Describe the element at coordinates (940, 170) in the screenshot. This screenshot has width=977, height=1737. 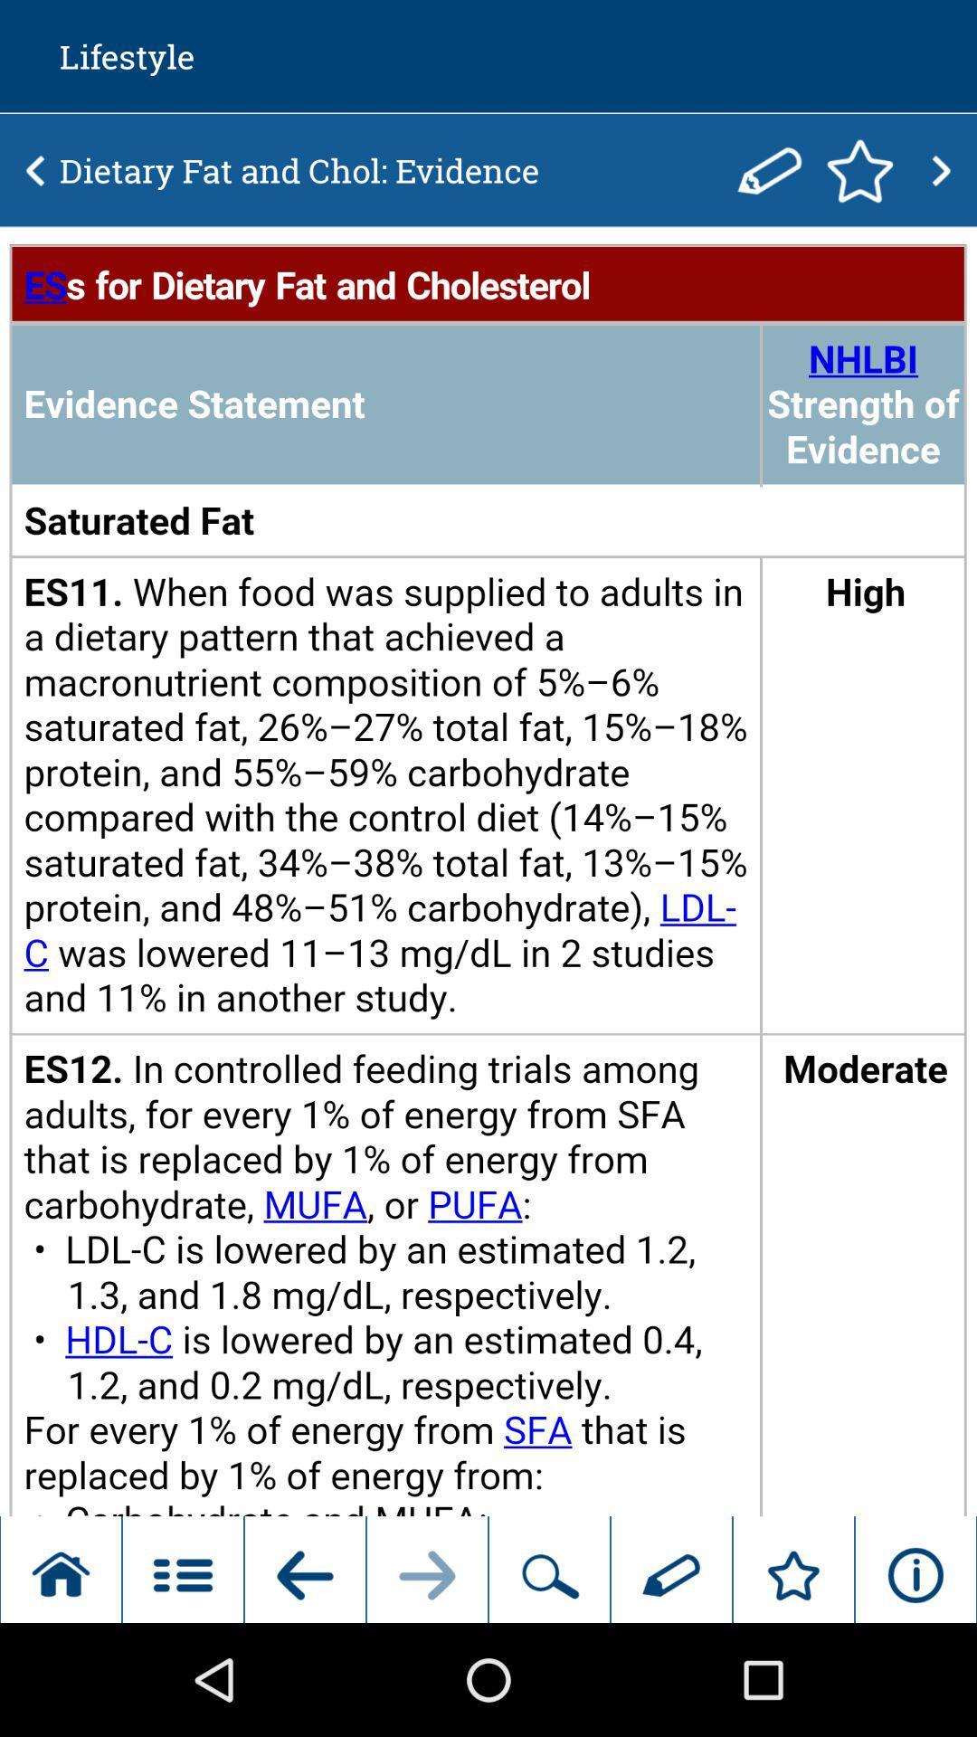
I see `previous` at that location.